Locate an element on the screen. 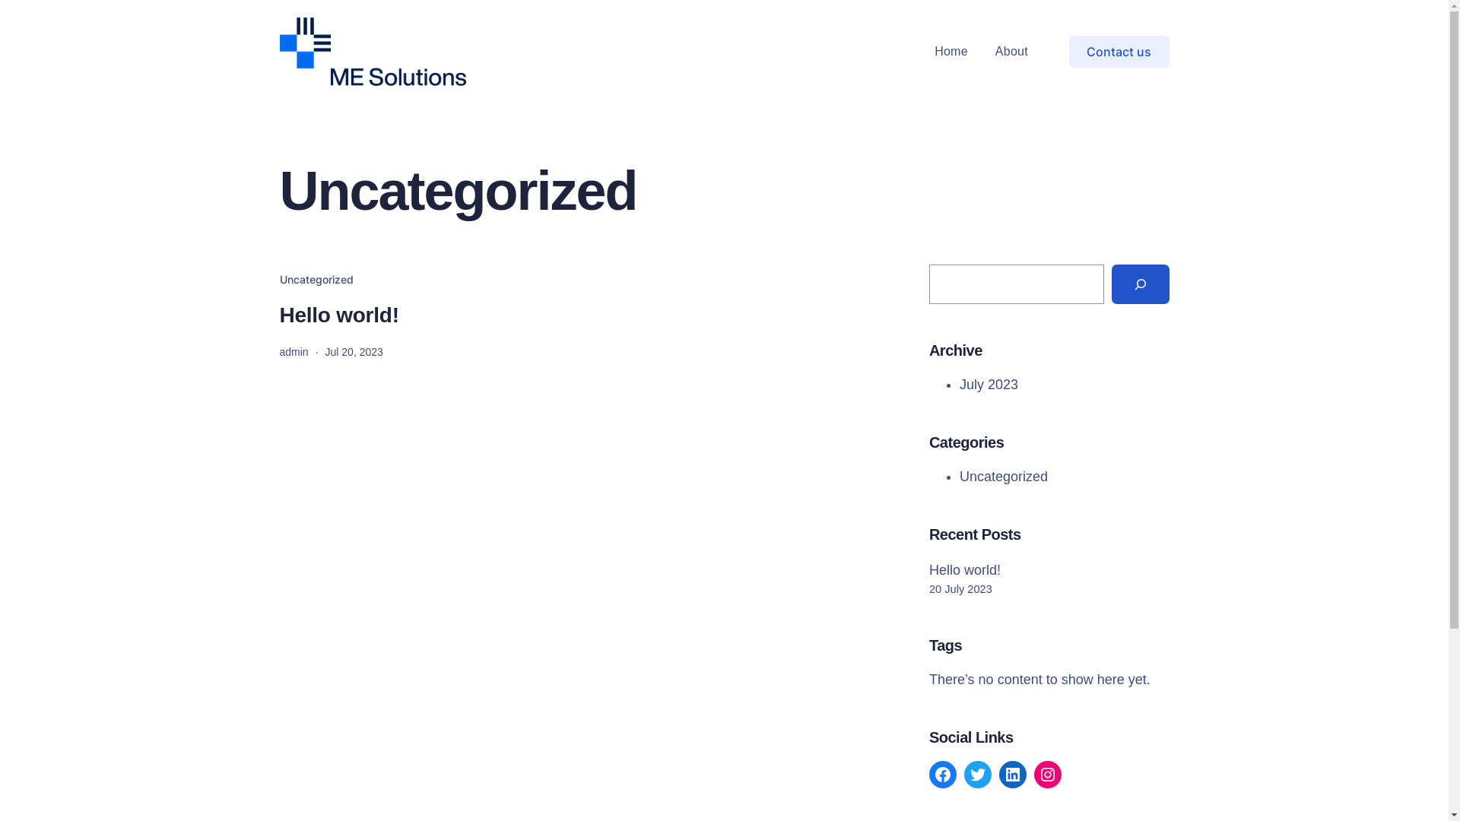 This screenshot has width=1460, height=821. 'Contact us' is located at coordinates (1119, 50).